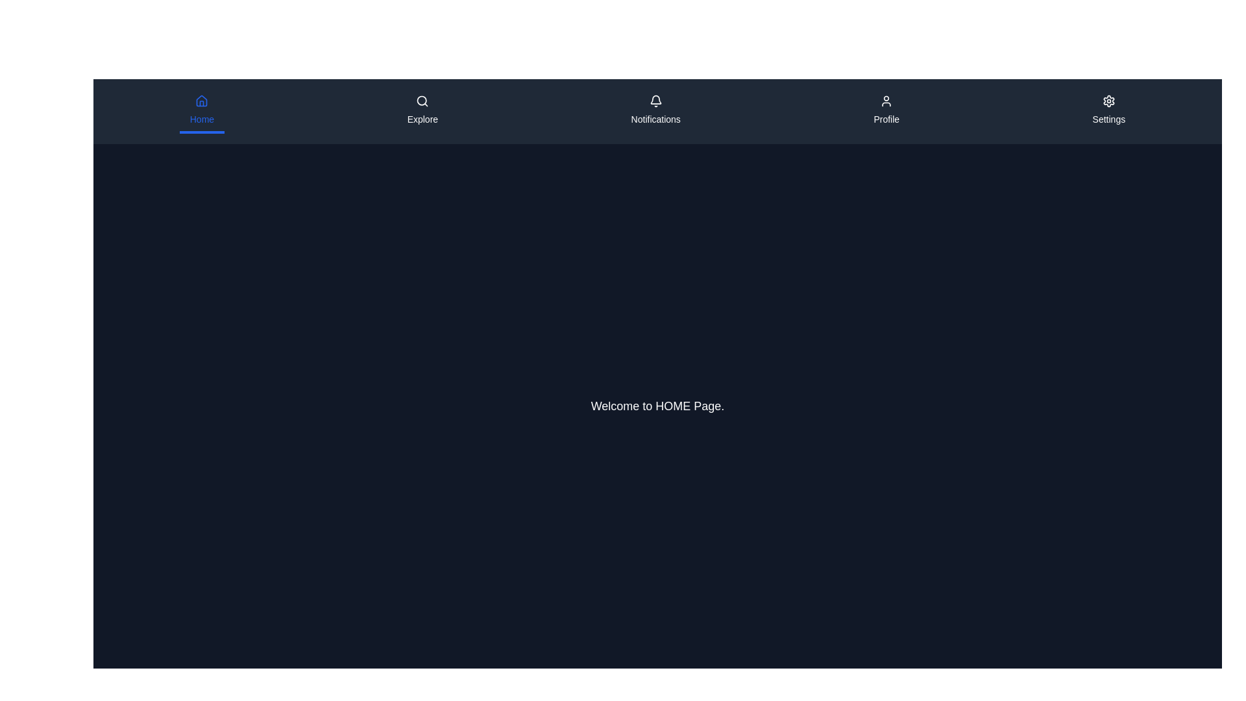 This screenshot has width=1246, height=701. Describe the element at coordinates (1108, 119) in the screenshot. I see `the 'Settings' text label located below the gear icon in the top navigation bar` at that location.